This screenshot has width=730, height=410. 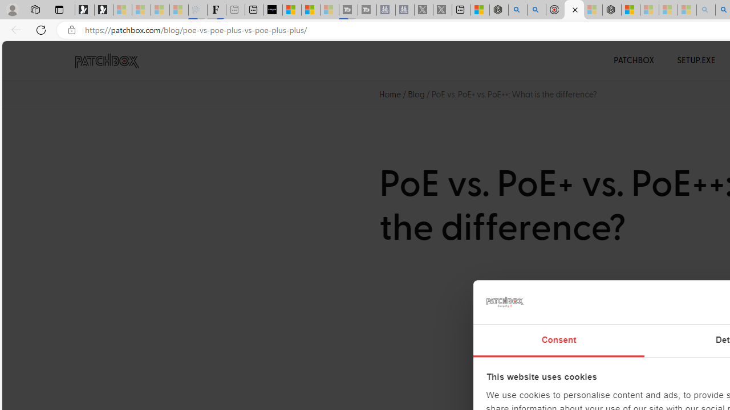 I want to click on 'poe ++ standard - Search', so click(x=536, y=10).